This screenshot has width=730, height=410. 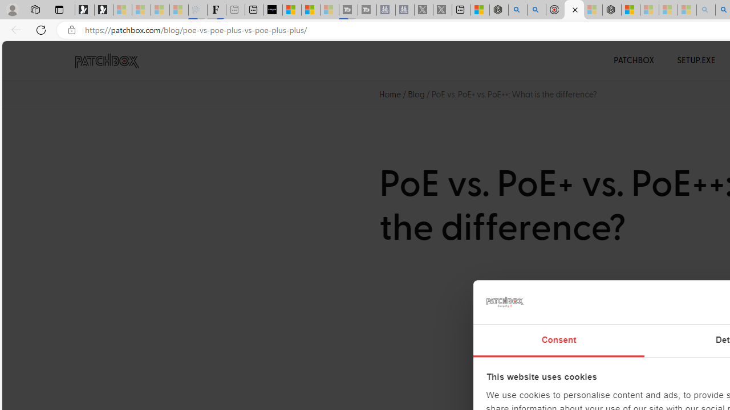 I want to click on 'poe ++ standard - Search', so click(x=536, y=10).